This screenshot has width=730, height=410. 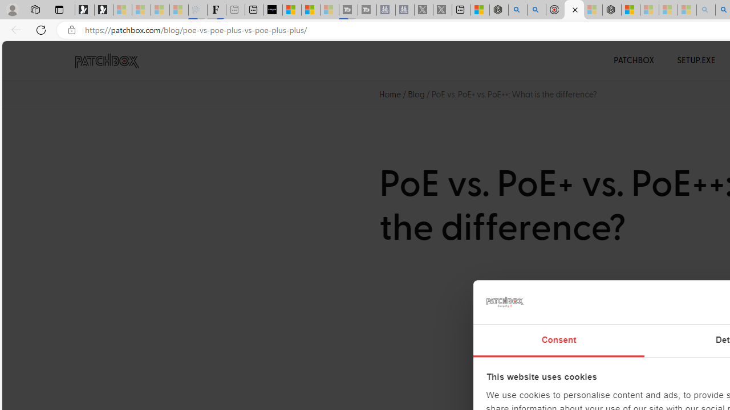 I want to click on 'poe ++ standard - Search', so click(x=536, y=10).